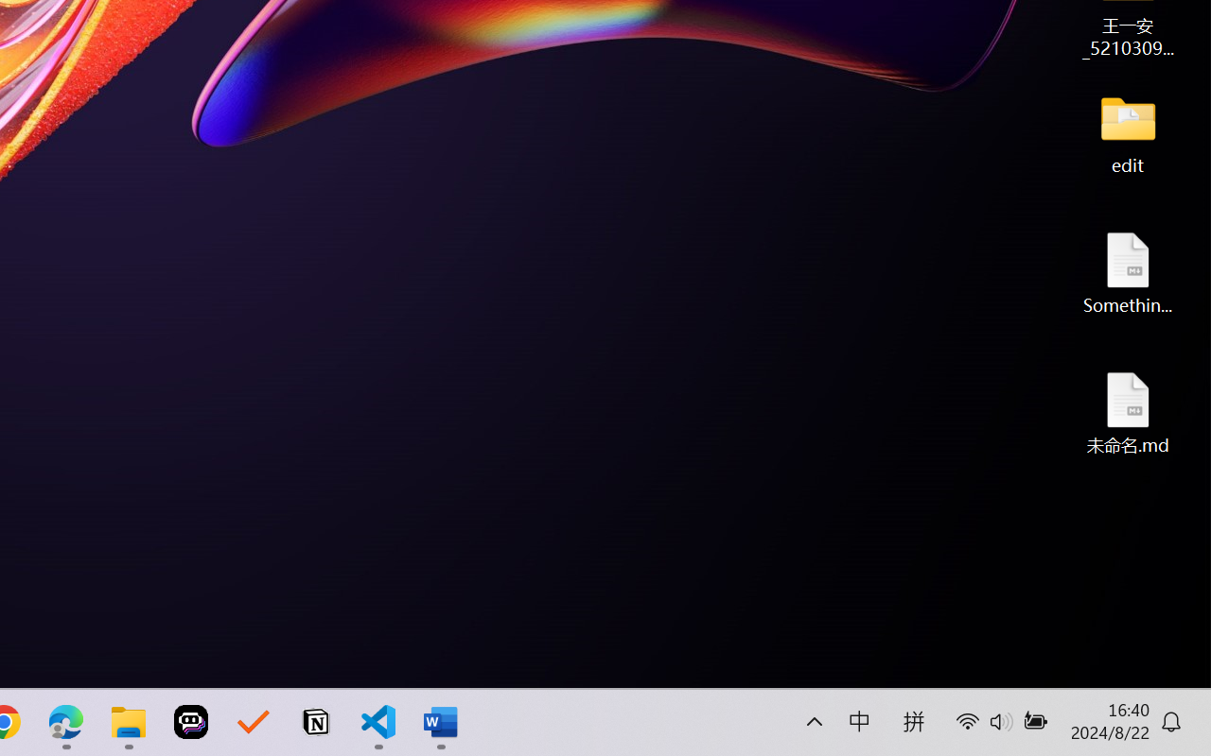 Image resolution: width=1211 pixels, height=756 pixels. What do you see at coordinates (191, 722) in the screenshot?
I see `'Poe'` at bounding box center [191, 722].